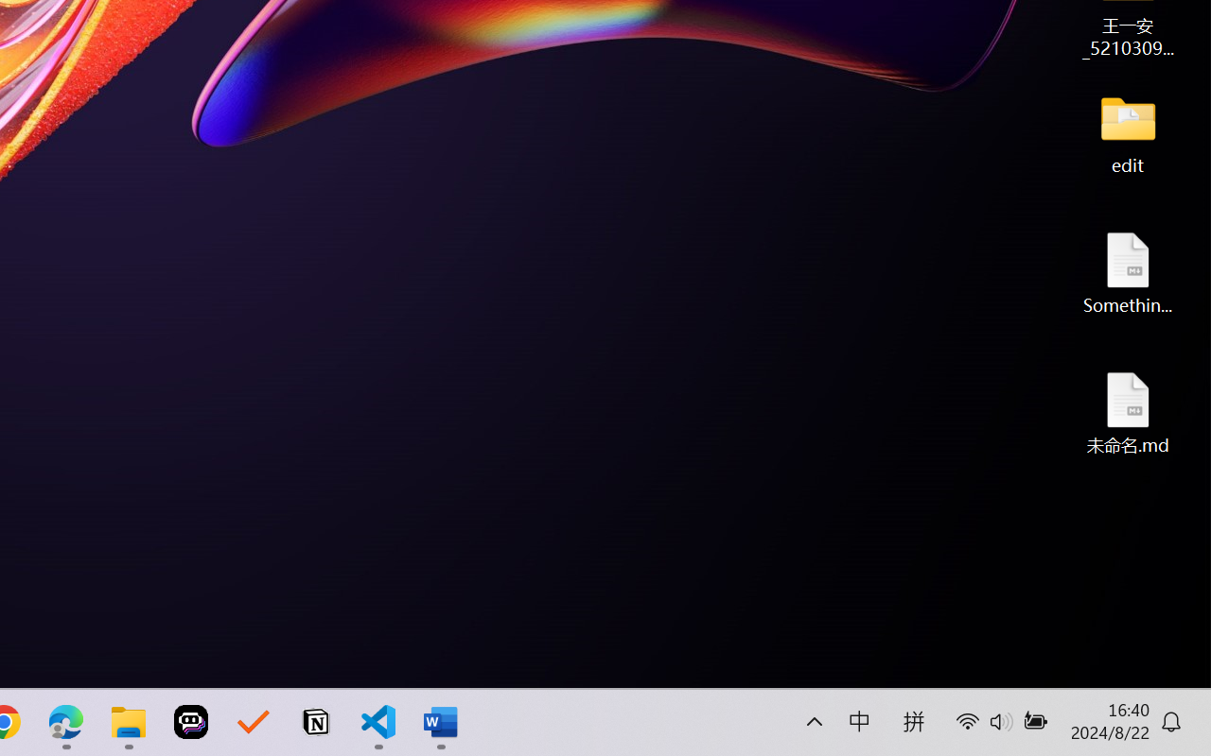 Image resolution: width=1211 pixels, height=756 pixels. What do you see at coordinates (191, 722) in the screenshot?
I see `'Poe'` at bounding box center [191, 722].